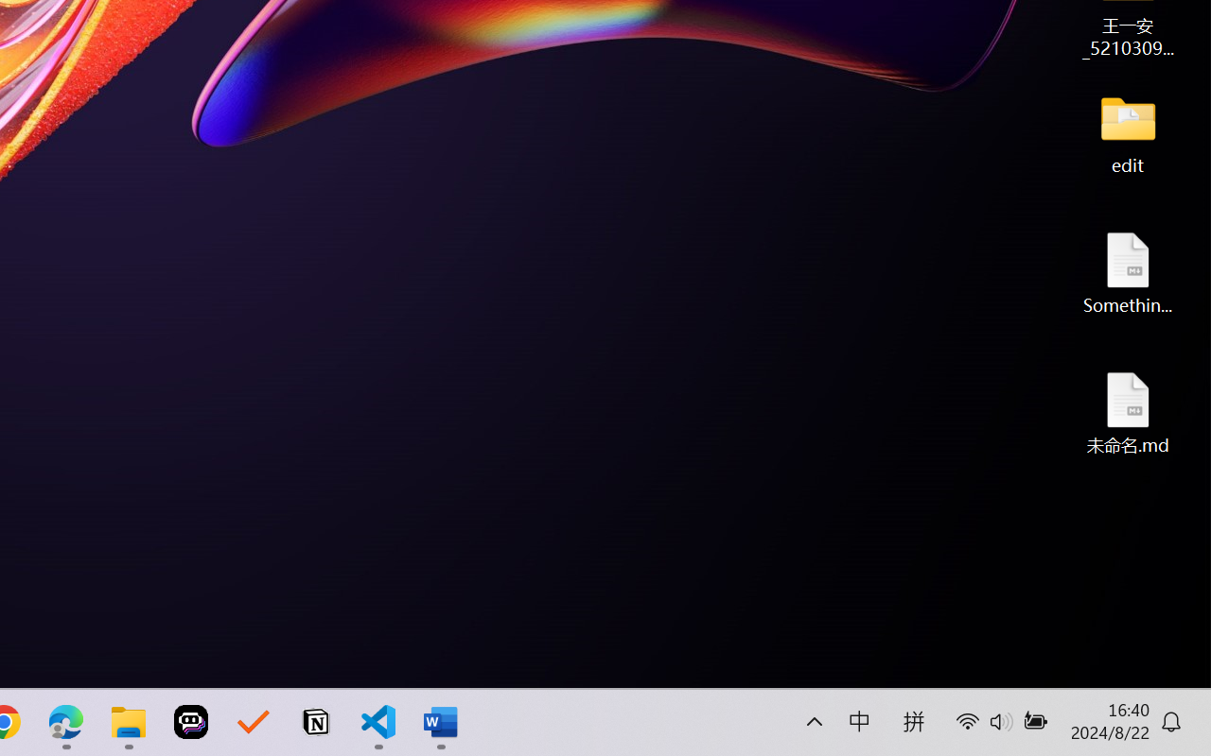 Image resolution: width=1211 pixels, height=756 pixels. What do you see at coordinates (191, 722) in the screenshot?
I see `'Poe'` at bounding box center [191, 722].